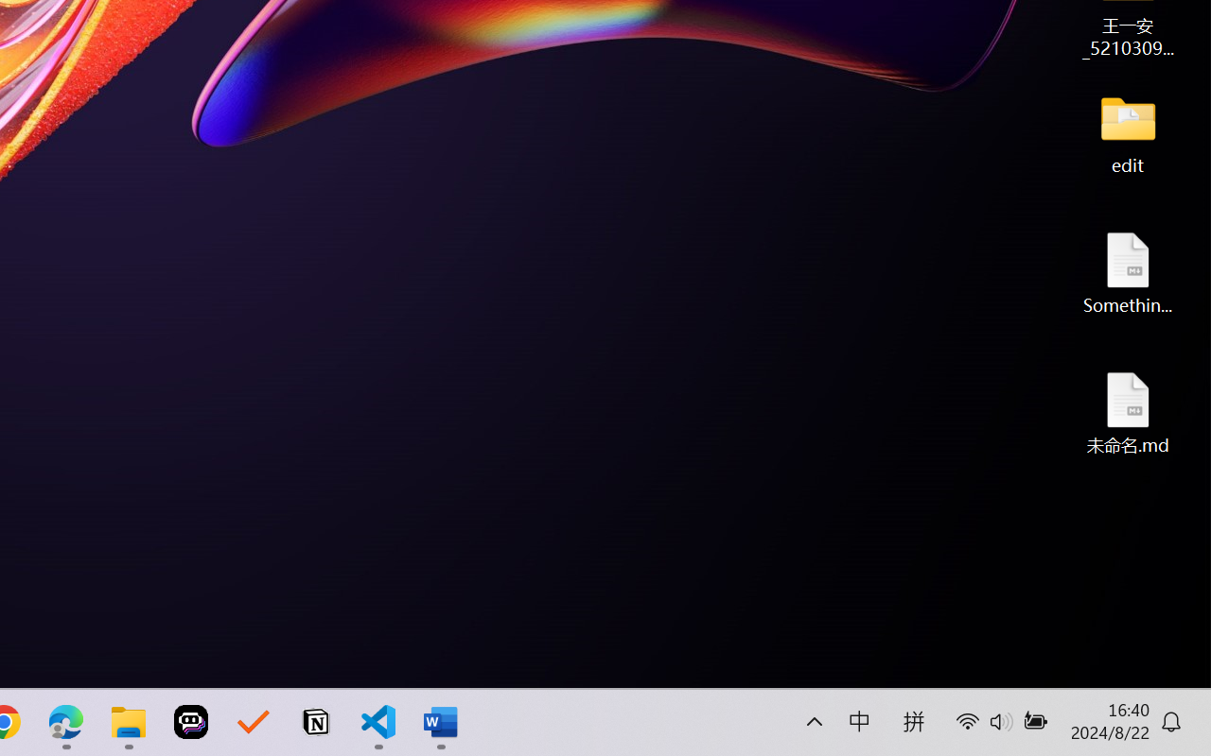 Image resolution: width=1211 pixels, height=756 pixels. What do you see at coordinates (191, 722) in the screenshot?
I see `'Poe'` at bounding box center [191, 722].